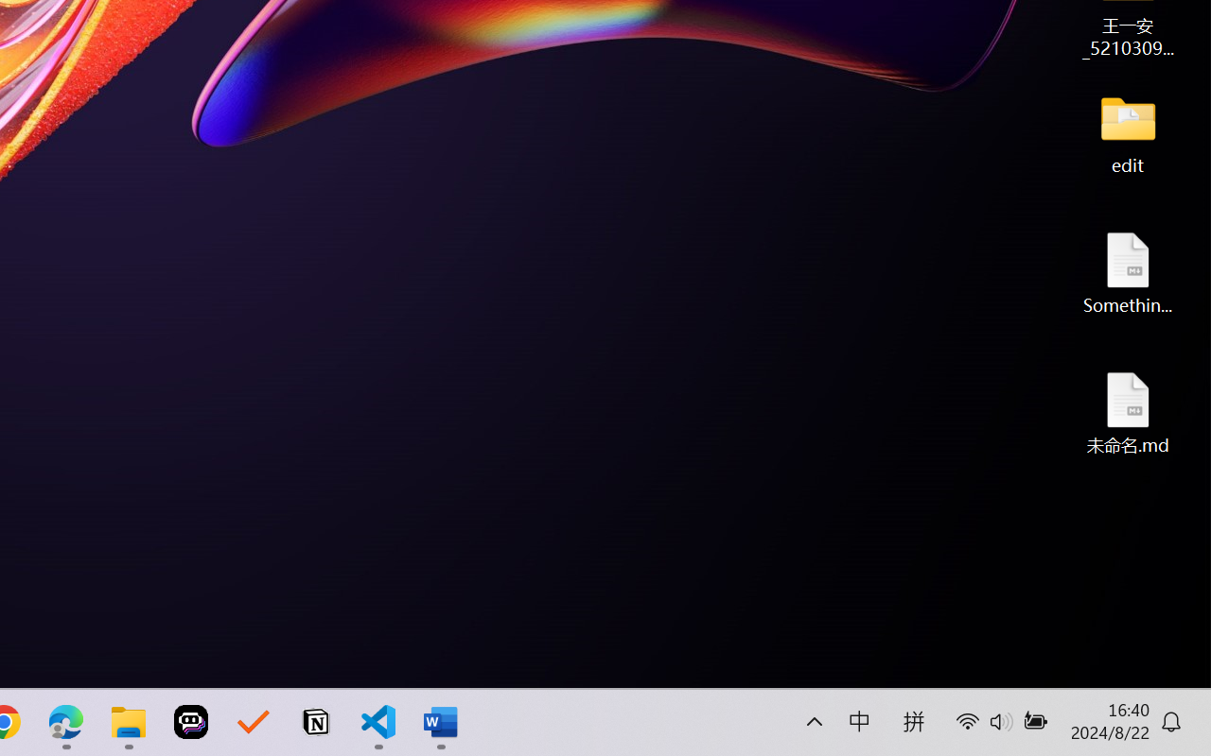 Image resolution: width=1211 pixels, height=756 pixels. What do you see at coordinates (191, 722) in the screenshot?
I see `'Poe'` at bounding box center [191, 722].